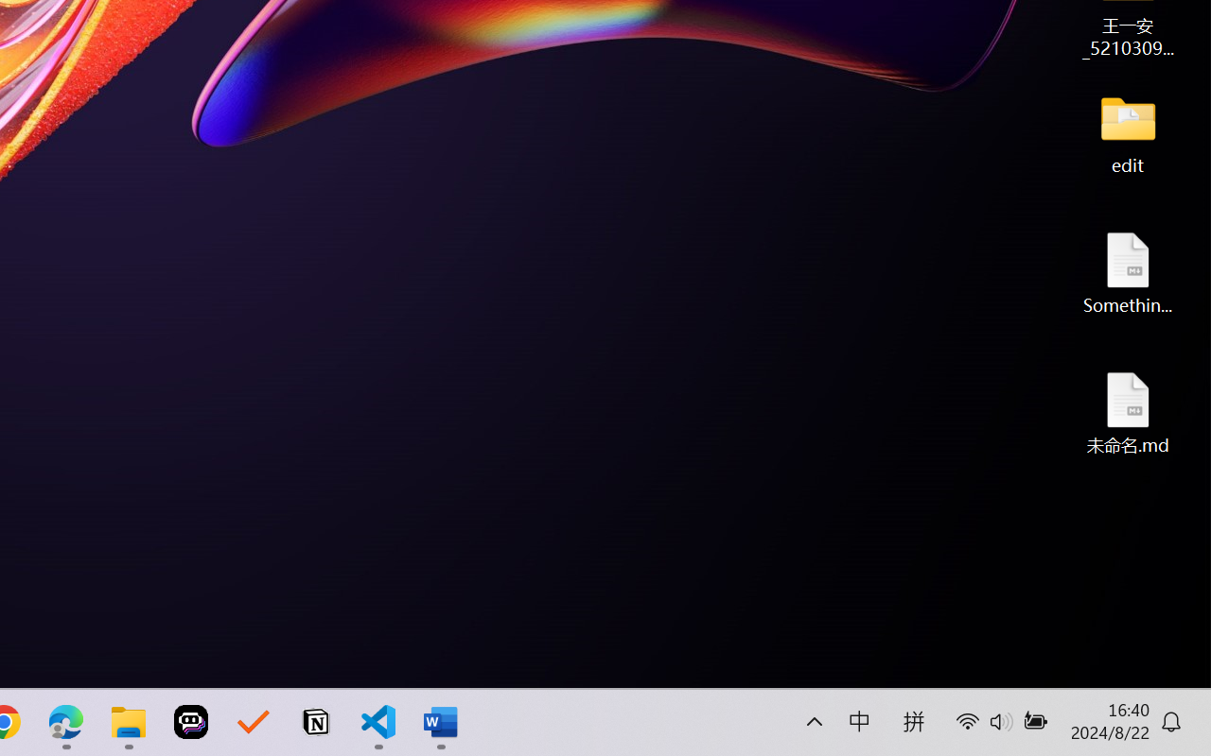 Image resolution: width=1211 pixels, height=756 pixels. What do you see at coordinates (191, 722) in the screenshot?
I see `'Poe'` at bounding box center [191, 722].